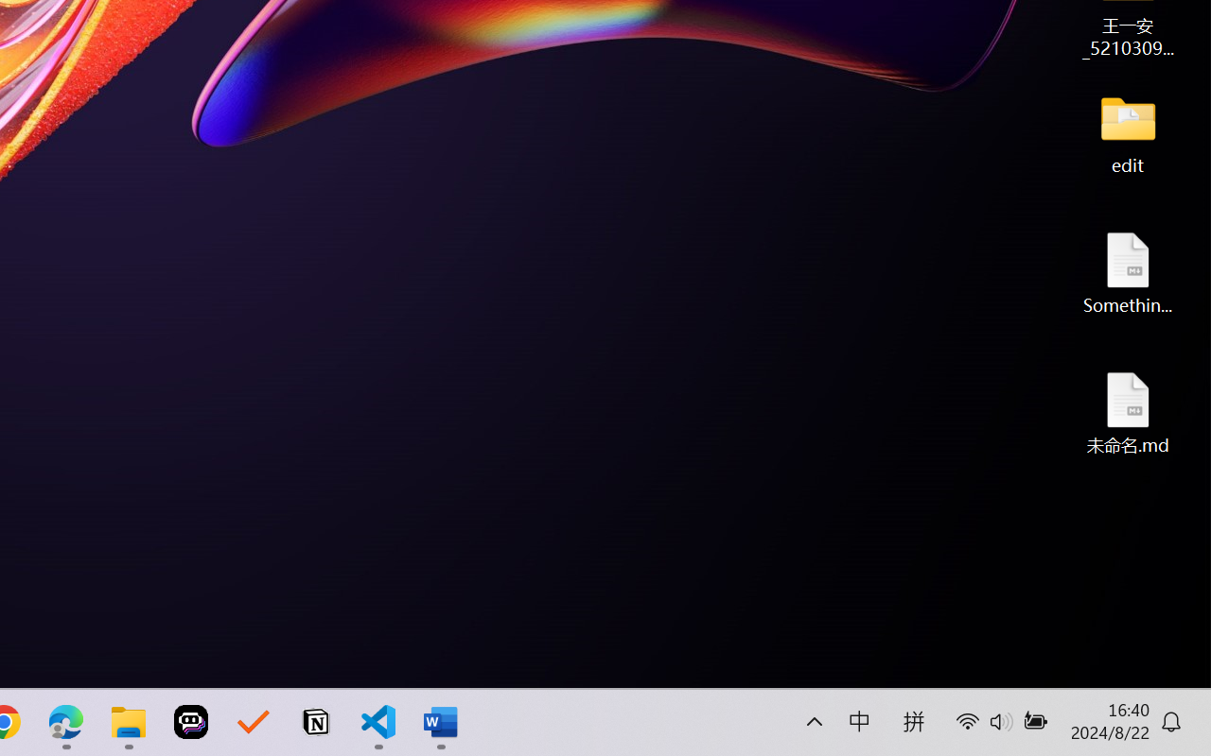 Image resolution: width=1211 pixels, height=756 pixels. What do you see at coordinates (191, 722) in the screenshot?
I see `'Poe'` at bounding box center [191, 722].